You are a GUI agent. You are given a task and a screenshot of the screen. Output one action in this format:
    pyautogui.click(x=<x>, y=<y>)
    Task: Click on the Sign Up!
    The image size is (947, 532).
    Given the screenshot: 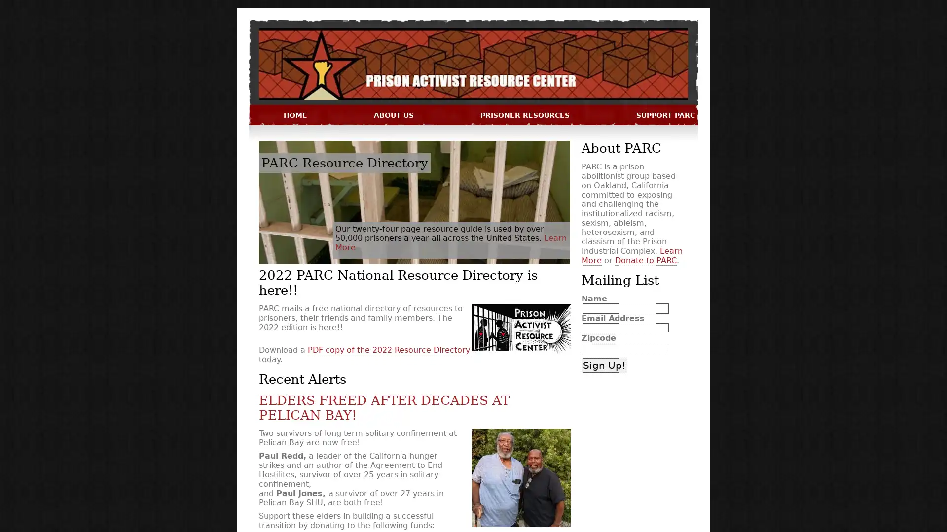 What is the action you would take?
    pyautogui.click(x=603, y=365)
    